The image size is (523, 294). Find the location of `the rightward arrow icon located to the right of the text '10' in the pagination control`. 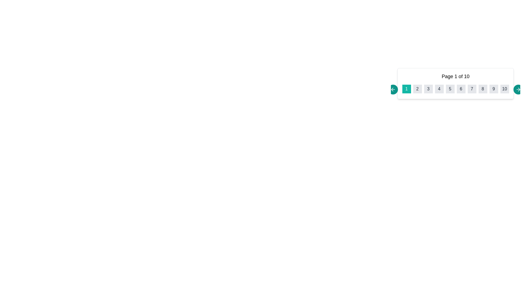

the rightward arrow icon located to the right of the text '10' in the pagination control is located at coordinates (519, 89).